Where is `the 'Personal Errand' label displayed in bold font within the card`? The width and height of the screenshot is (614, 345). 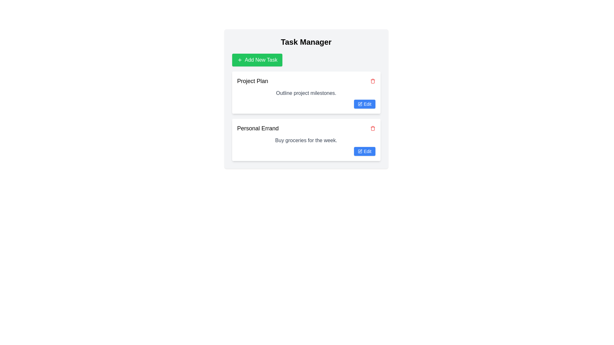 the 'Personal Errand' label displayed in bold font within the card is located at coordinates (258, 128).